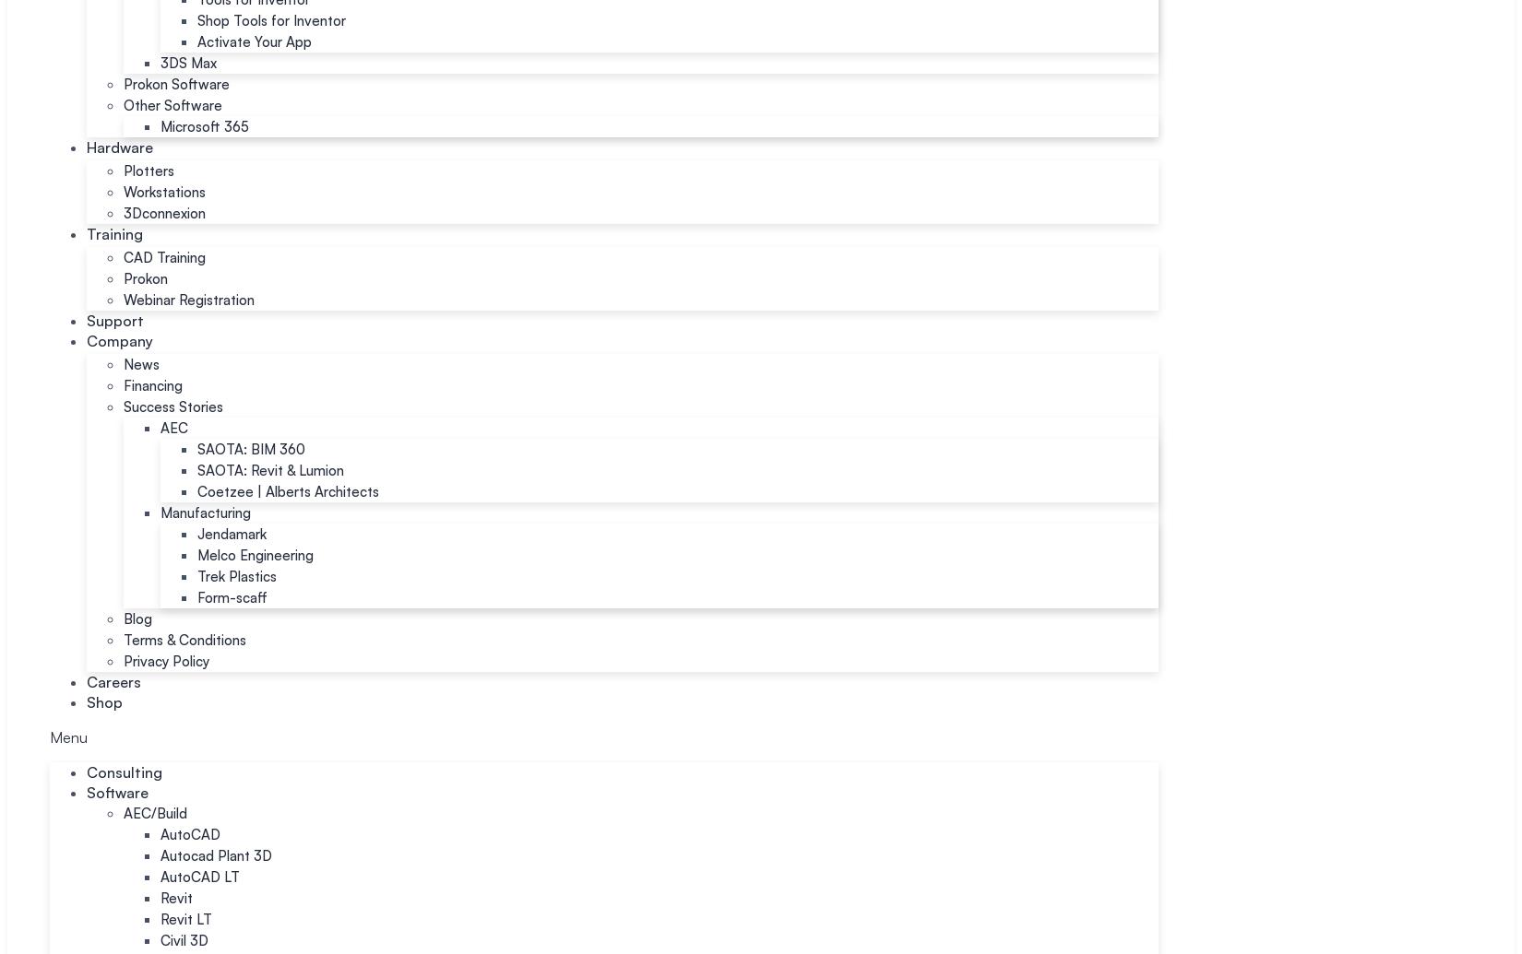  I want to click on 'Success Stories', so click(123, 406).